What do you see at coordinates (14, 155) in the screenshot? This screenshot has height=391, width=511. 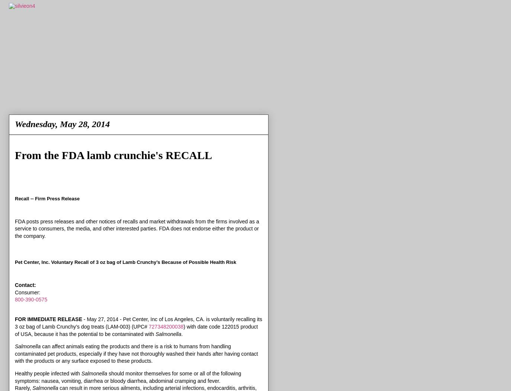 I see `'From the FDA lamb crunchie's RECALL'` at bounding box center [14, 155].